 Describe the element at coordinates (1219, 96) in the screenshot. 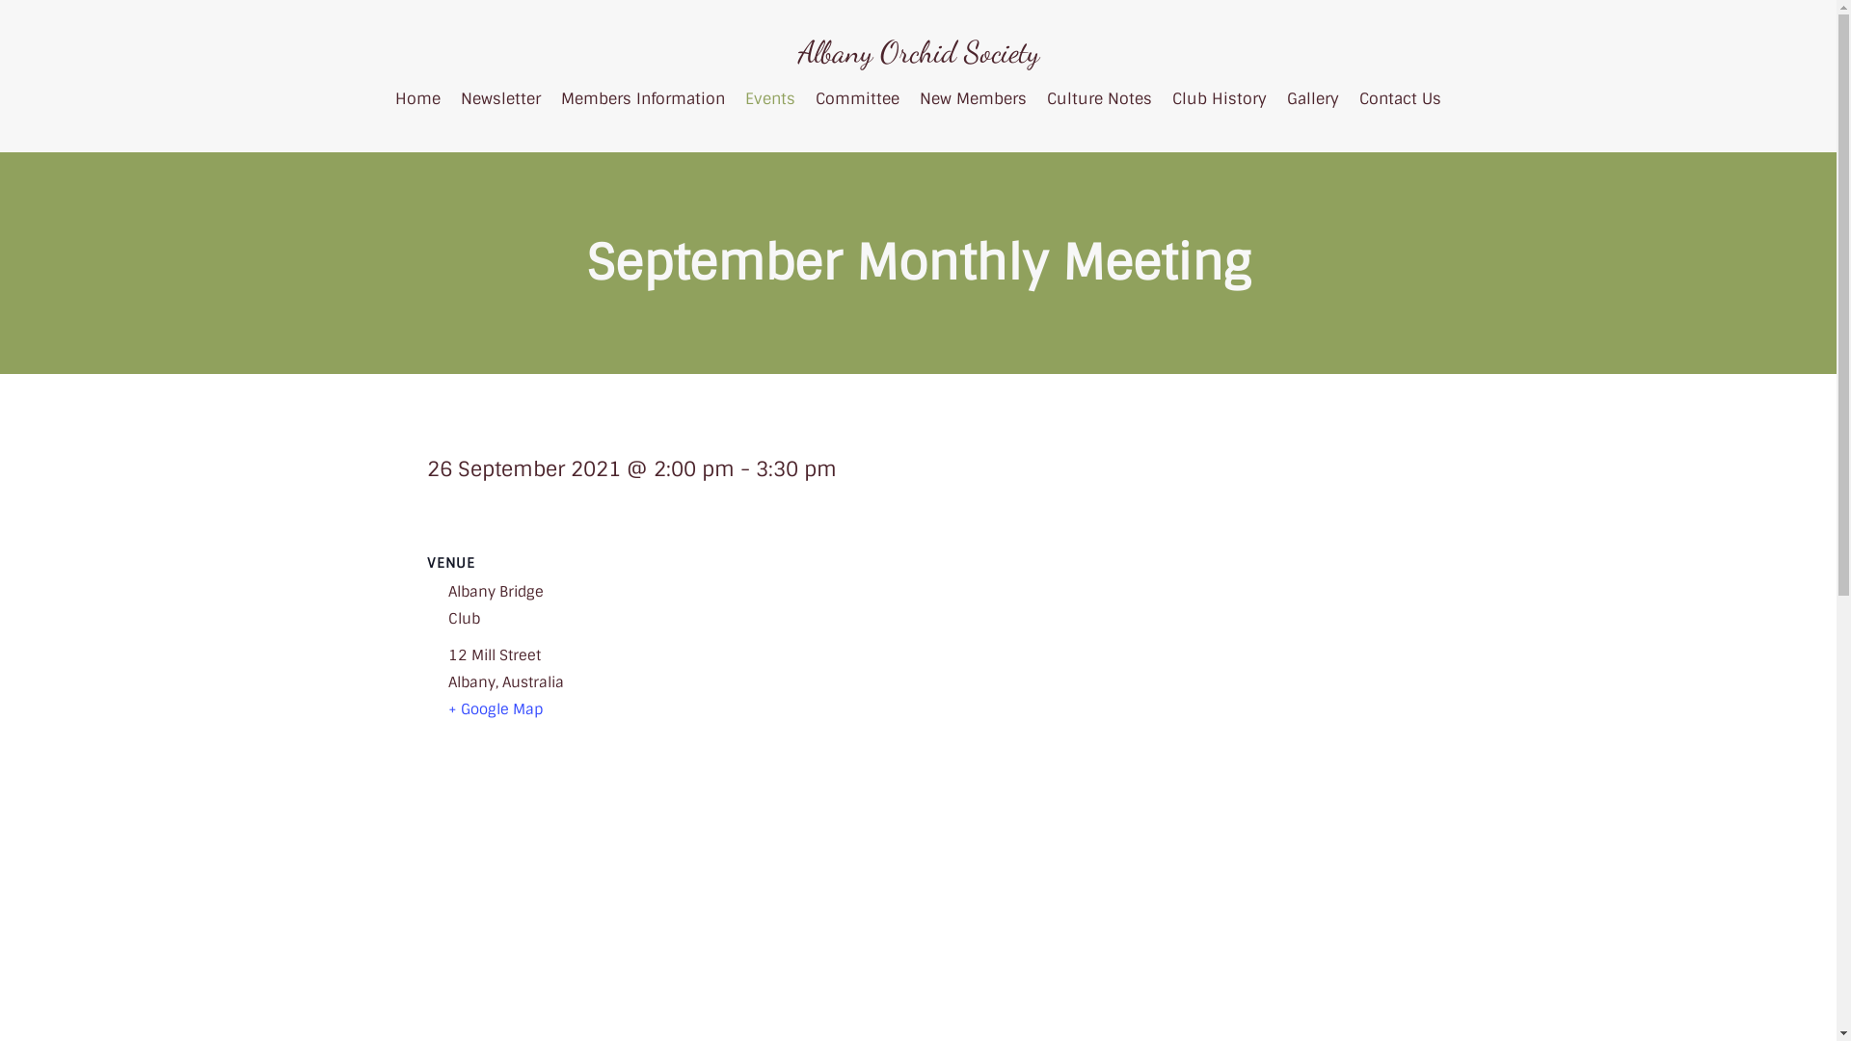

I see `'Club History'` at that location.